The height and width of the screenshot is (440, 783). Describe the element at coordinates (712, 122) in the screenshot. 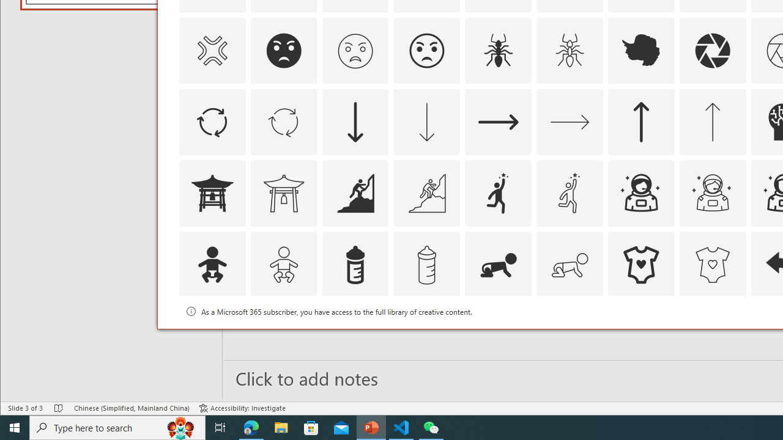

I see `'AutomationID: Icons_ArrowUp_M'` at that location.